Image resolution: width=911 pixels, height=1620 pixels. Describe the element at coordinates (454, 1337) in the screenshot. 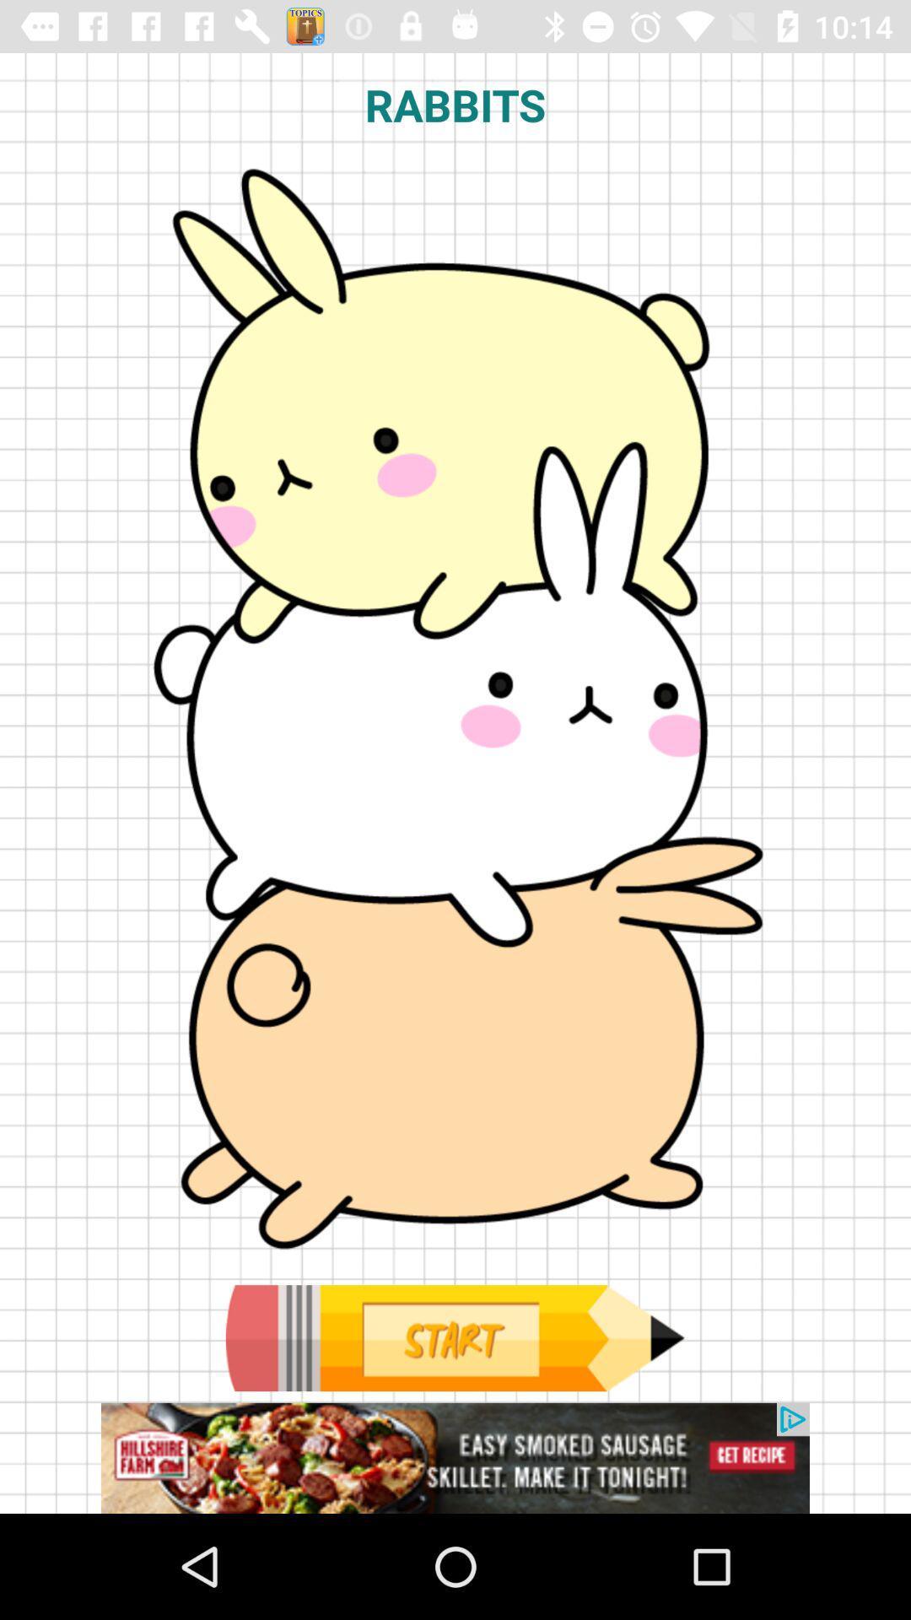

I see `begin to start` at that location.